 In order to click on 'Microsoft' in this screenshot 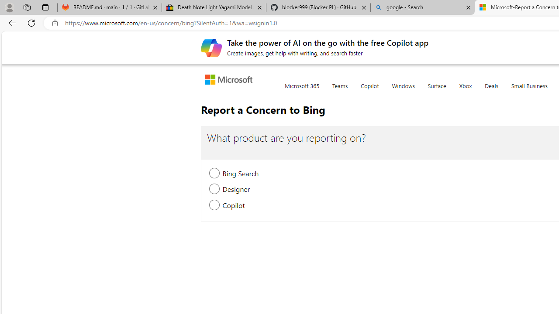, I will do `click(231, 80)`.